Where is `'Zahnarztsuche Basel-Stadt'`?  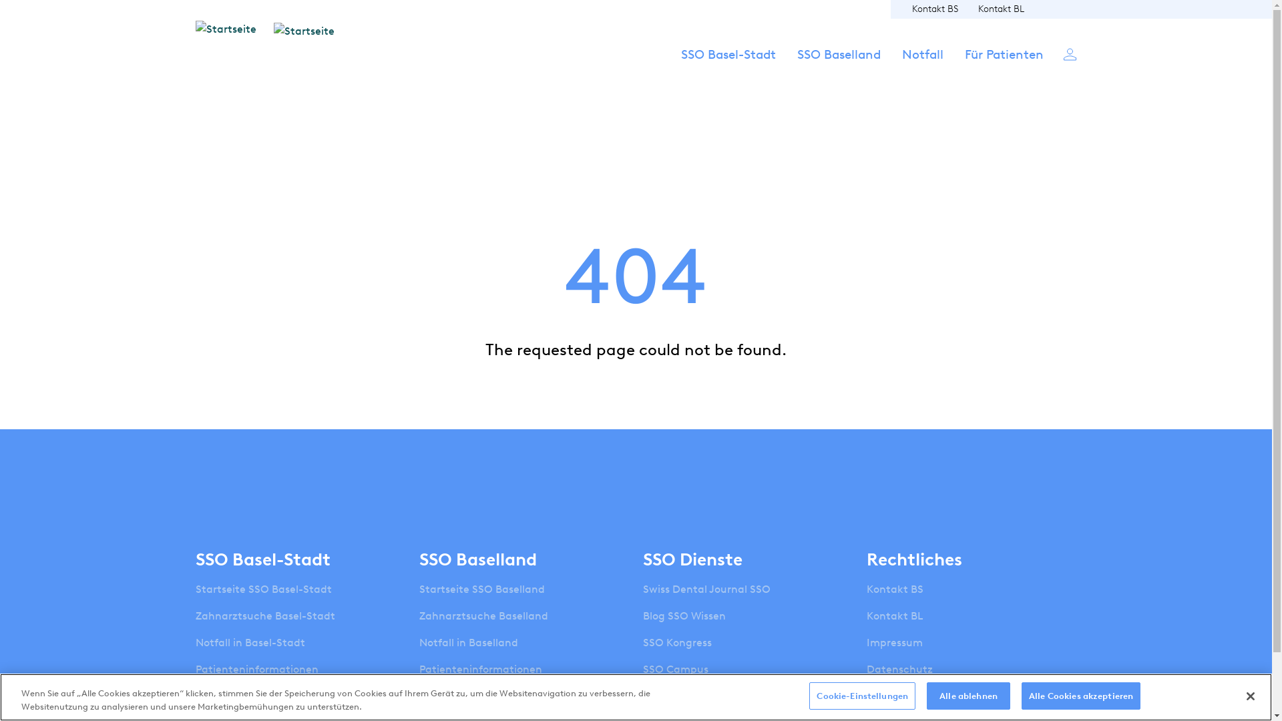
'Zahnarztsuche Basel-Stadt' is located at coordinates (264, 616).